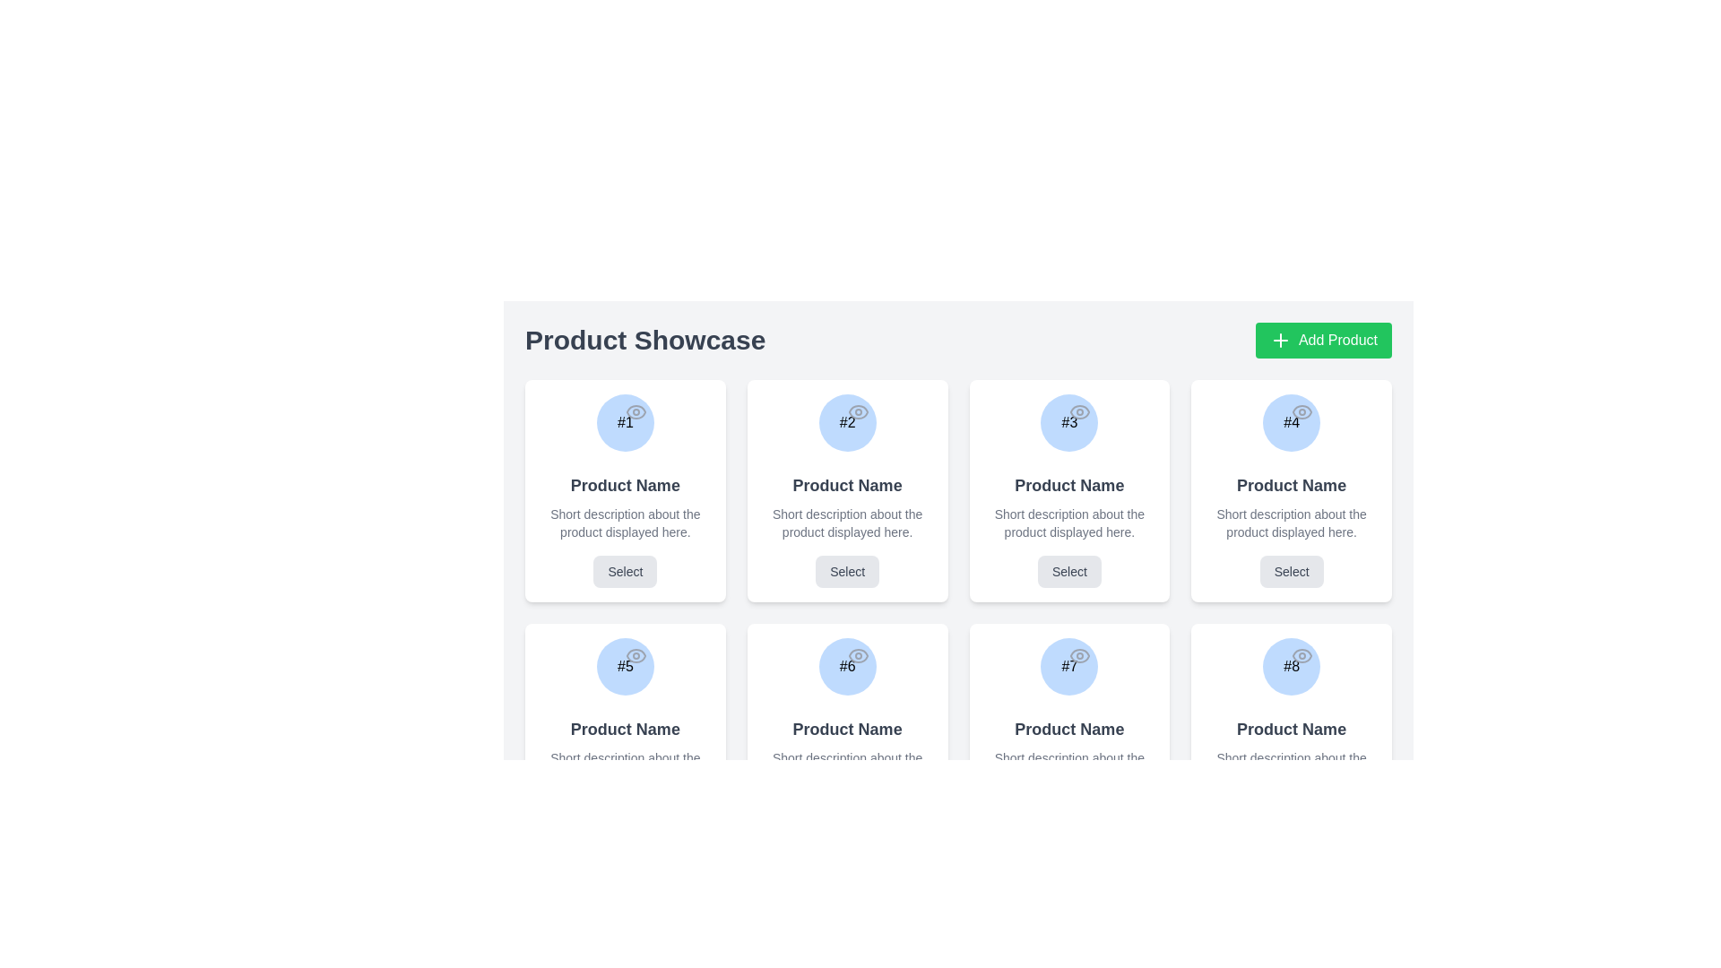 This screenshot has width=1721, height=968. Describe the element at coordinates (625, 667) in the screenshot. I see `the text label displaying '#5' which is styled in bold black font against a light blue circular background, located in the second row, third column of the grid layout` at that location.